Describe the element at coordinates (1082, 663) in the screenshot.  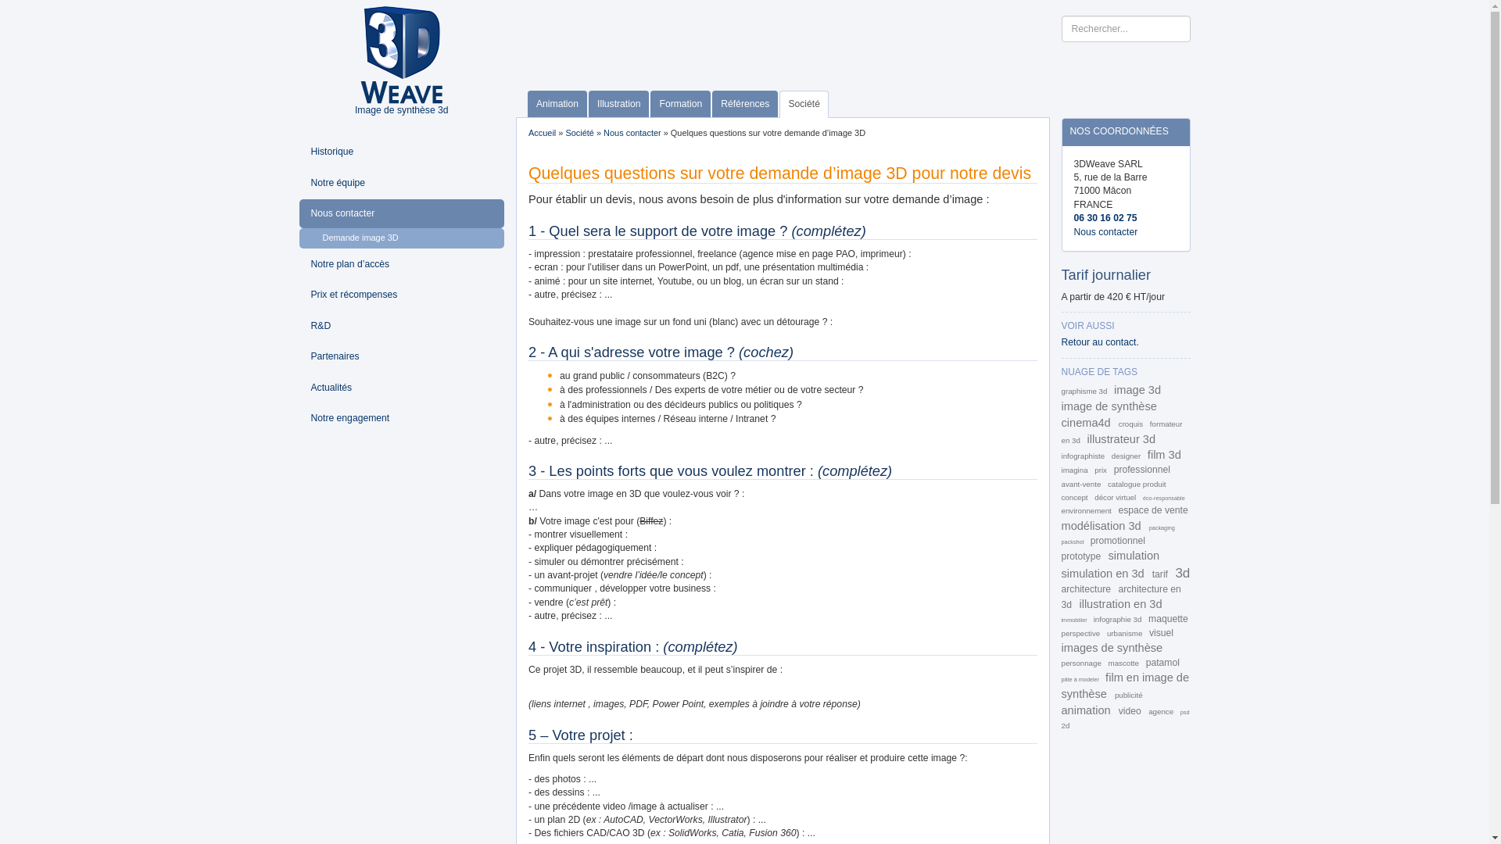
I see `'personnage'` at that location.